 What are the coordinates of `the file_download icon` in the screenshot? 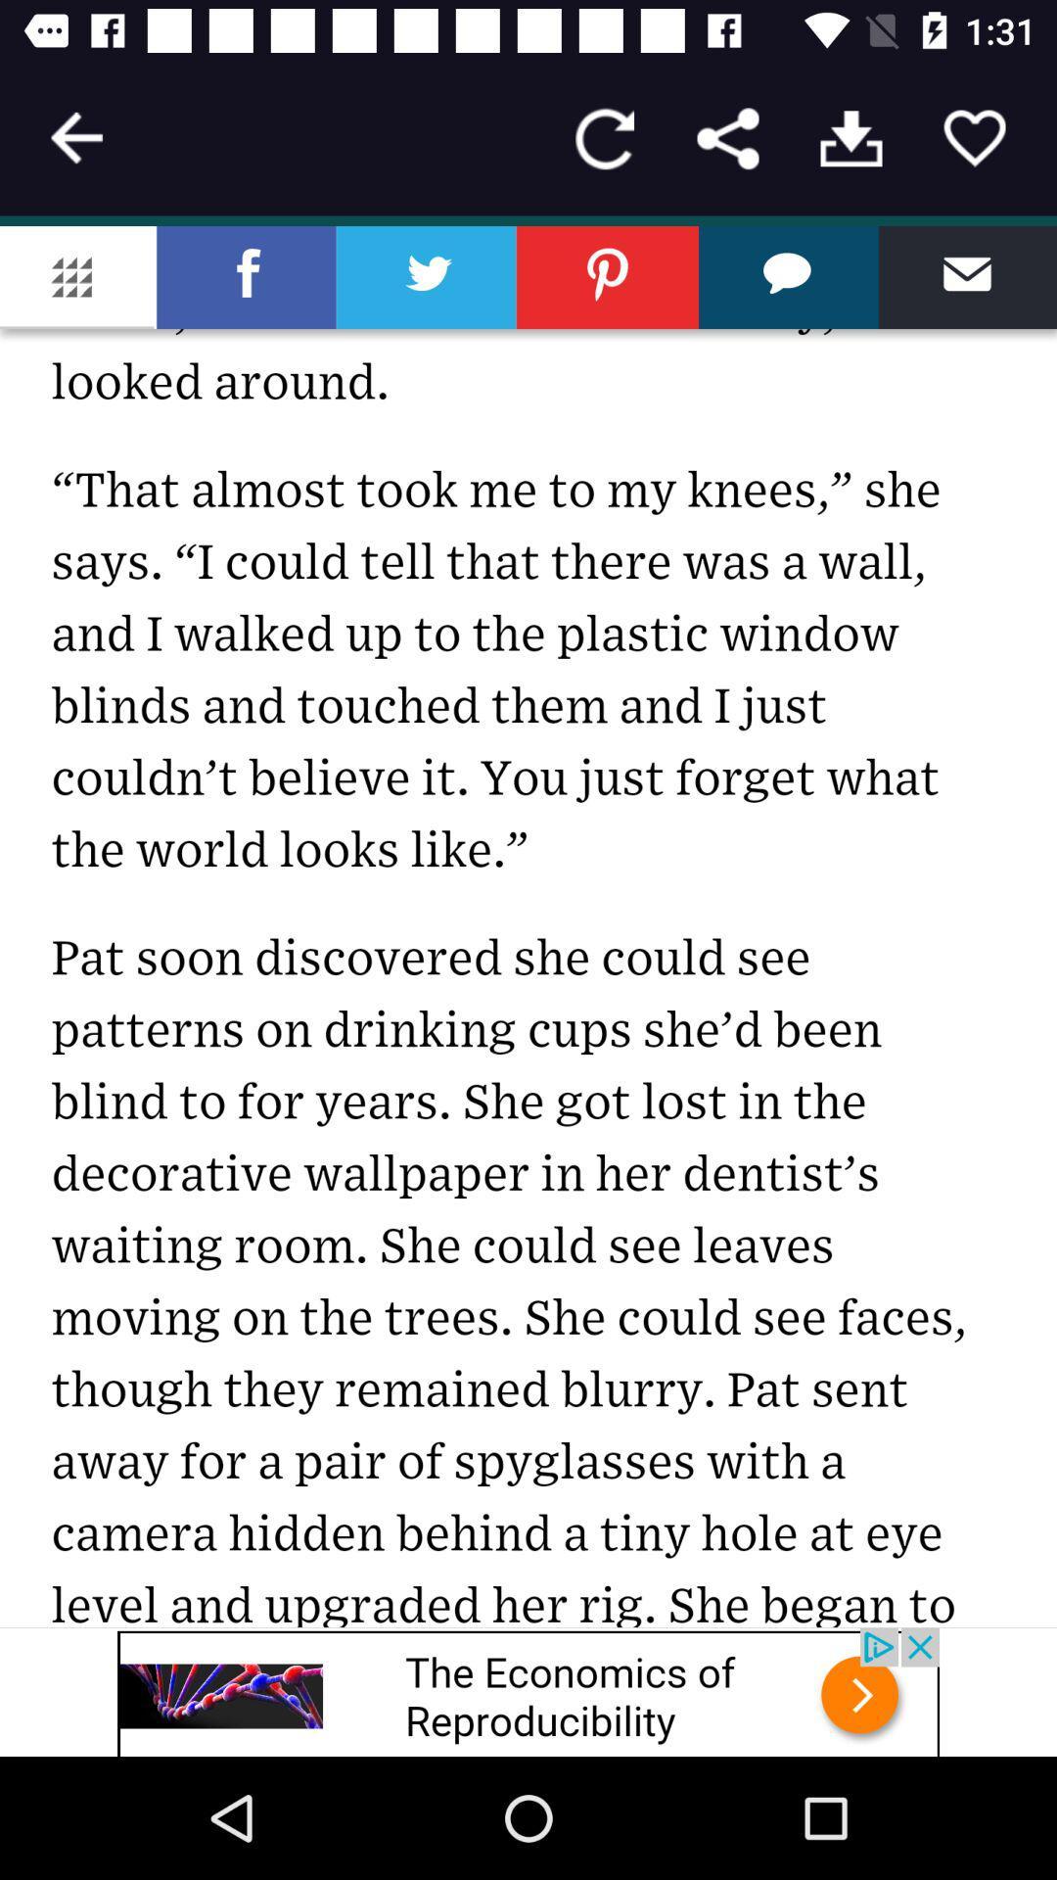 It's located at (850, 137).